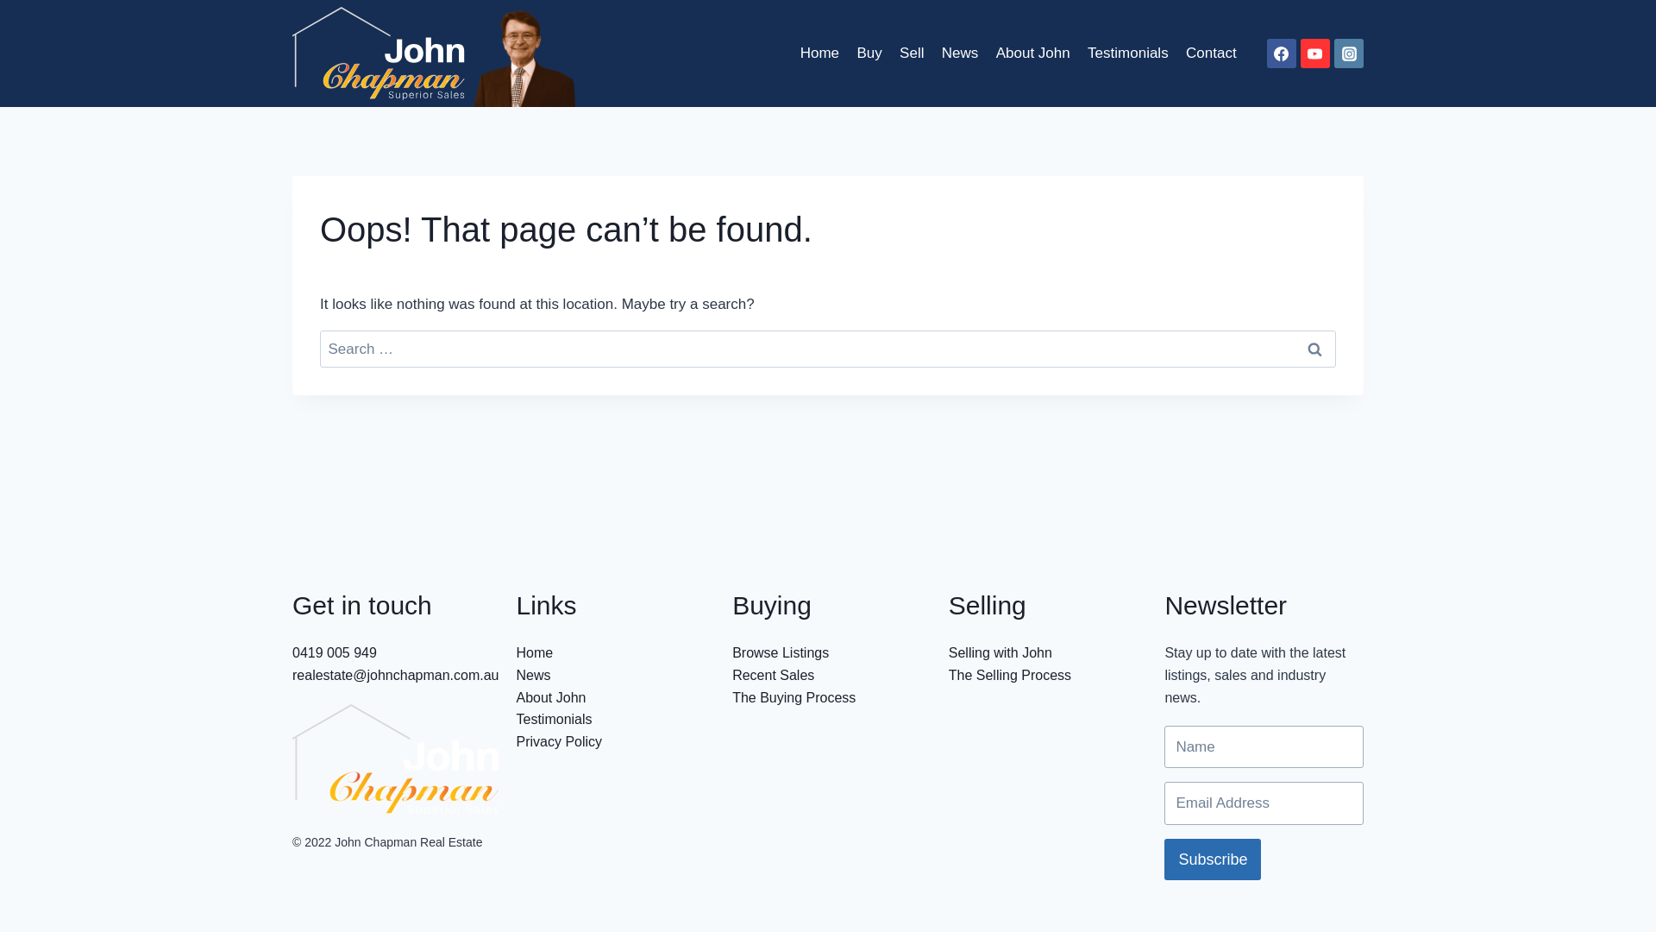 The height and width of the screenshot is (932, 1656). What do you see at coordinates (395, 674) in the screenshot?
I see `'realestate@johnchapman.com.au'` at bounding box center [395, 674].